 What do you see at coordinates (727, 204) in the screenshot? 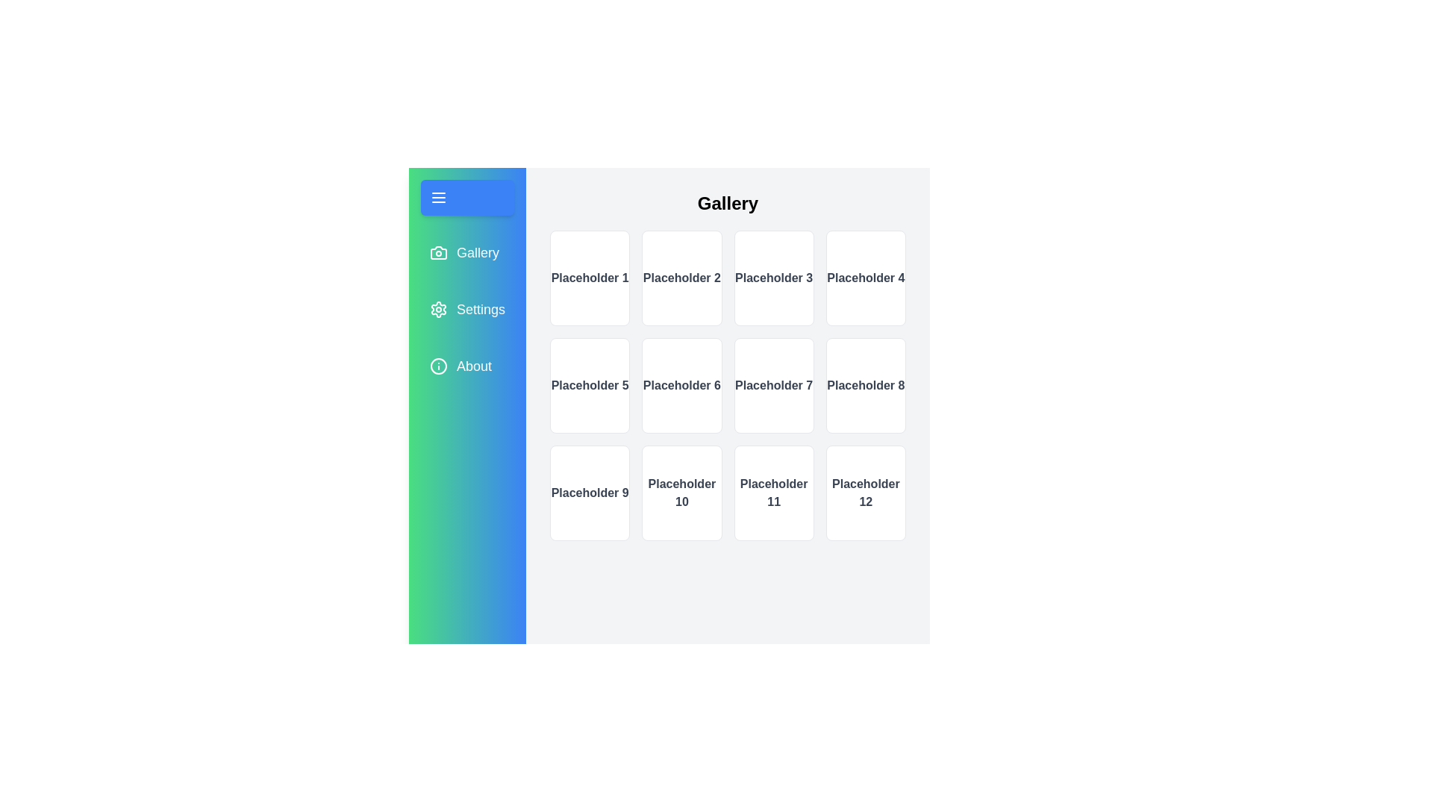
I see `the header text labeled 'Gallery'` at bounding box center [727, 204].